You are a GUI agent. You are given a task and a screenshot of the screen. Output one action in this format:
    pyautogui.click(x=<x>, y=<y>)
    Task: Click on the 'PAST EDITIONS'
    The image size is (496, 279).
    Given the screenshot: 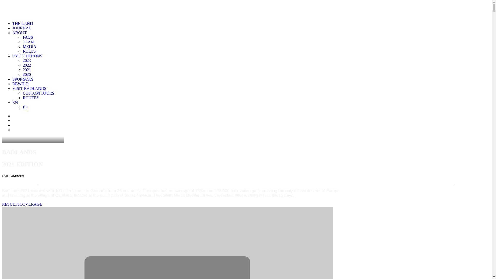 What is the action you would take?
    pyautogui.click(x=27, y=56)
    